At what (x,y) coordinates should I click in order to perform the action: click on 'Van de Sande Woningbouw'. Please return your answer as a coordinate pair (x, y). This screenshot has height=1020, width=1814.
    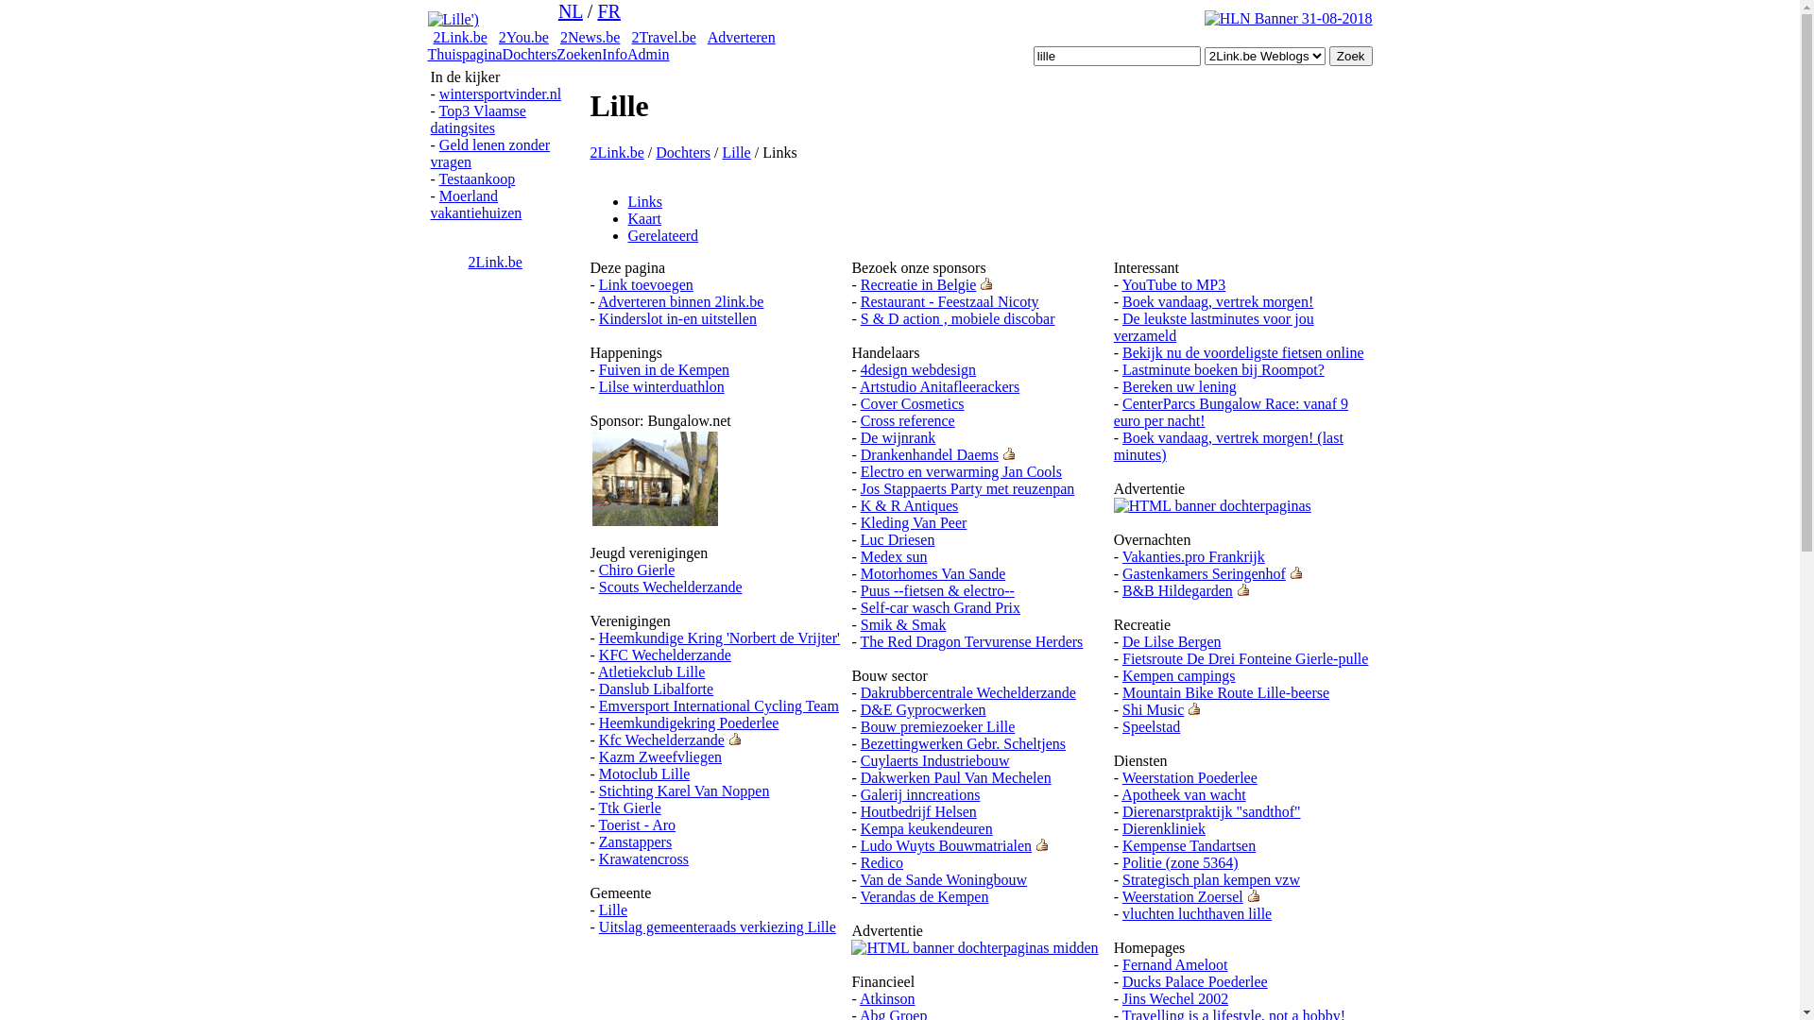
    Looking at the image, I should click on (943, 879).